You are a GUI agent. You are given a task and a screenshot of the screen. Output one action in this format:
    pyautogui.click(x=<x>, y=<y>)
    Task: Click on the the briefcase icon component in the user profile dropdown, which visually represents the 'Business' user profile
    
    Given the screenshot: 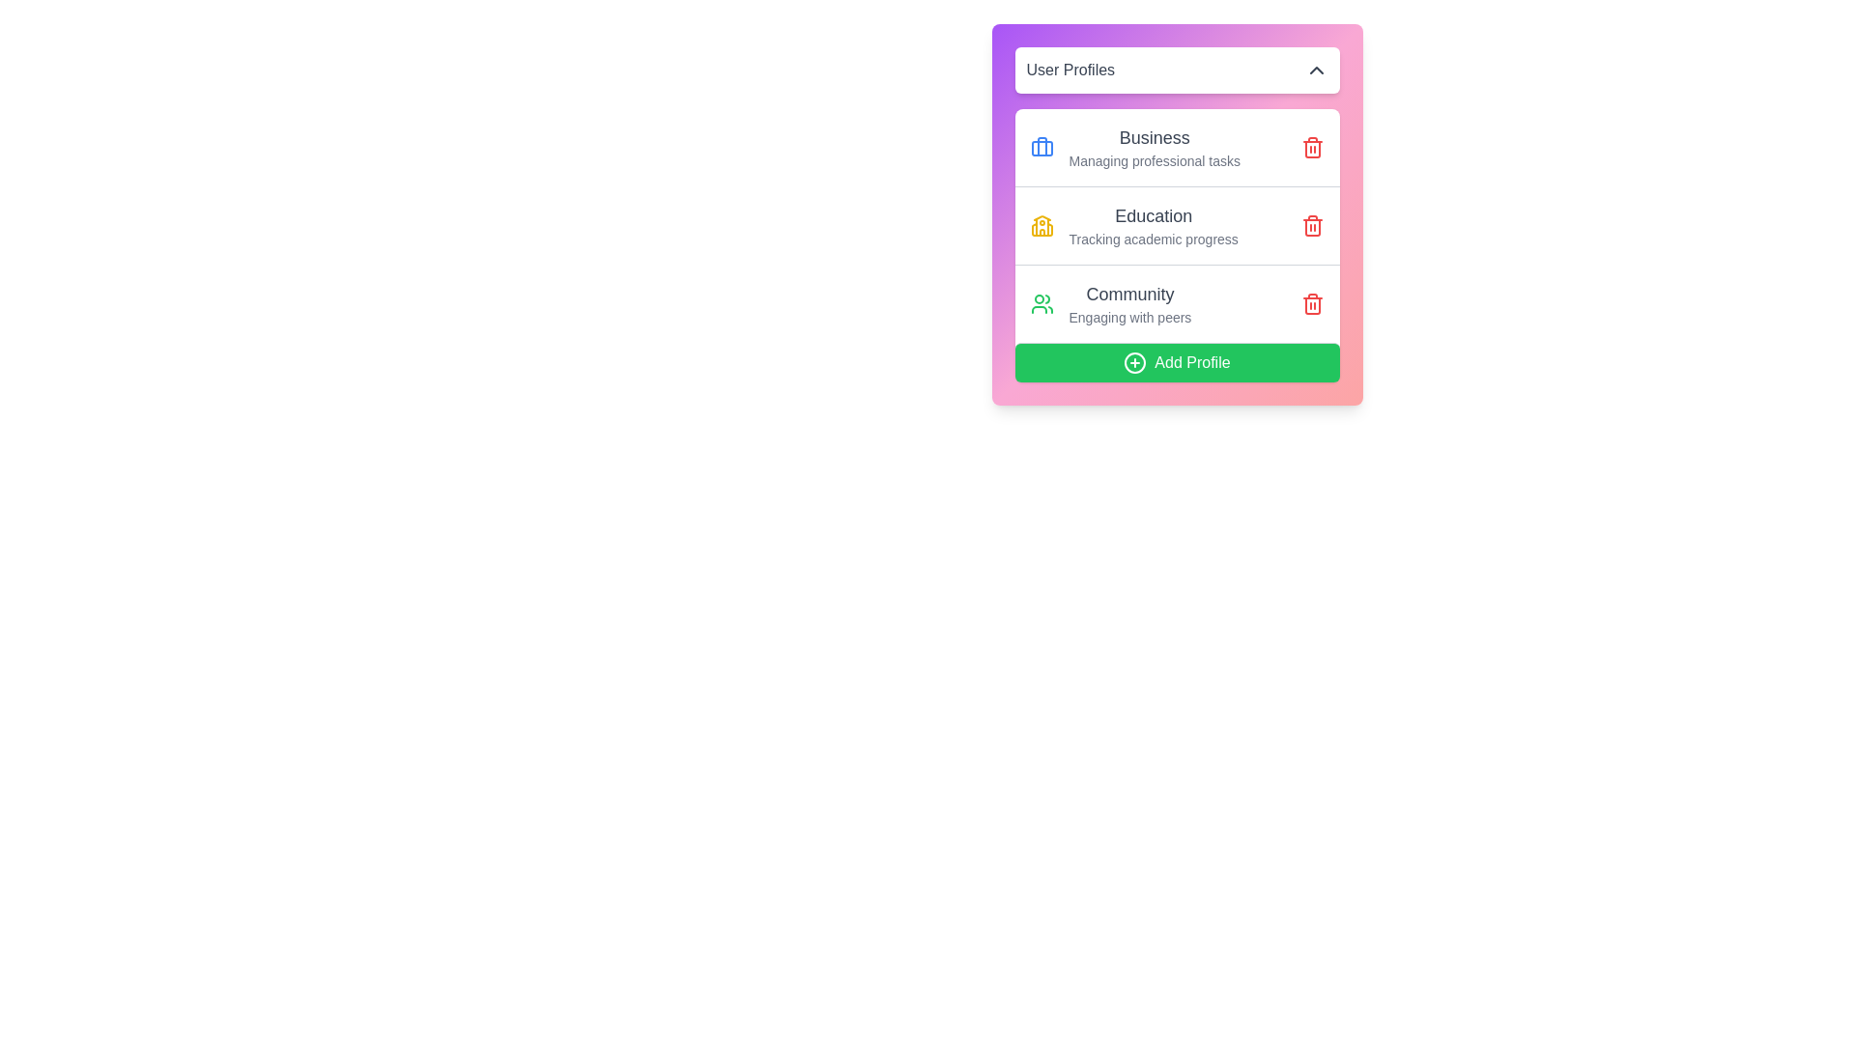 What is the action you would take?
    pyautogui.click(x=1041, y=148)
    